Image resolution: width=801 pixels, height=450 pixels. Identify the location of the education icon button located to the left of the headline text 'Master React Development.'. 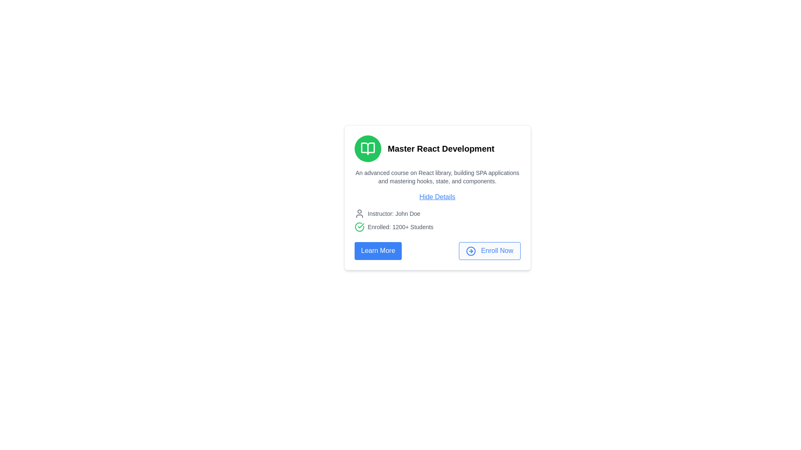
(367, 148).